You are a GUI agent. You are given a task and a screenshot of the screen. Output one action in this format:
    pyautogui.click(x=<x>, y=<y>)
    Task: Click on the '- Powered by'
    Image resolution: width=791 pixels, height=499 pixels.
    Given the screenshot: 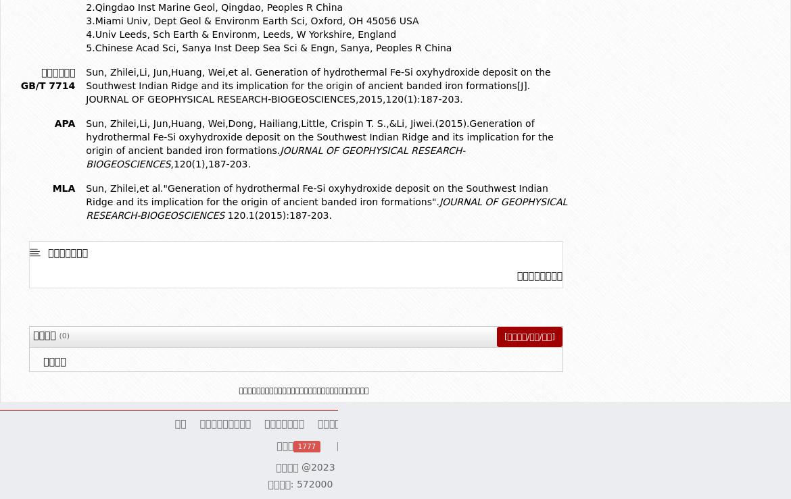 What is the action you would take?
    pyautogui.click(x=456, y=465)
    